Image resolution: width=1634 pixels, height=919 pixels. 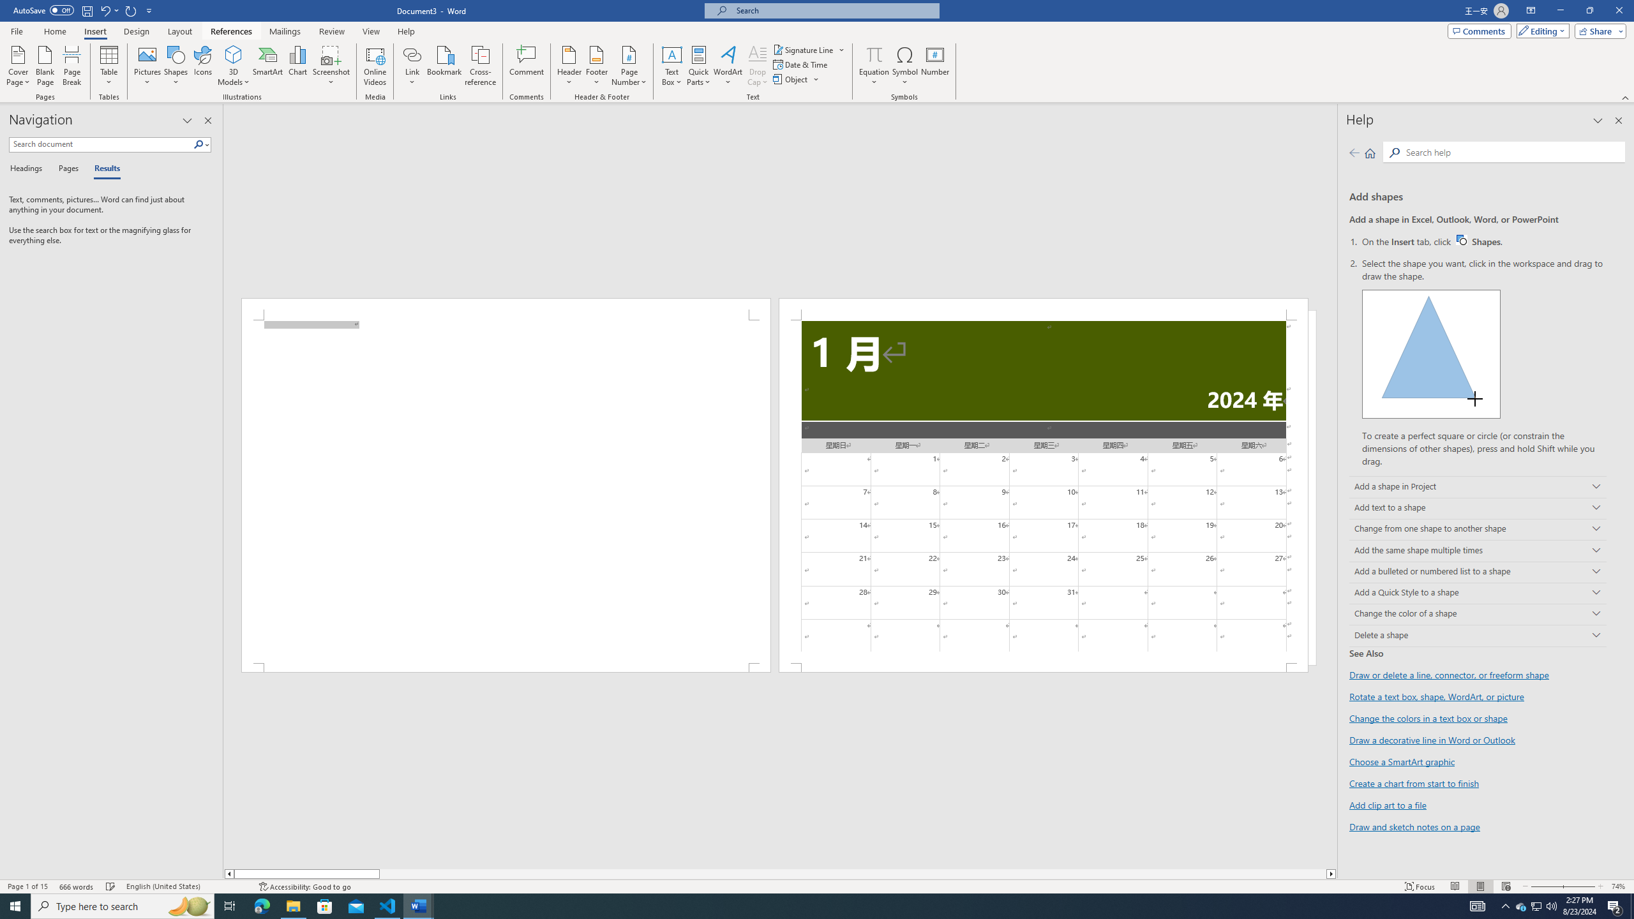 I want to click on 'Undo New Page', so click(x=104, y=10).